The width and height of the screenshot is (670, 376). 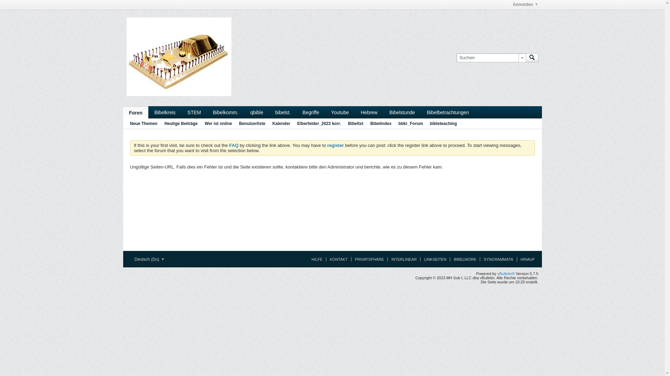 What do you see at coordinates (315, 259) in the screenshot?
I see `'HILFE'` at bounding box center [315, 259].